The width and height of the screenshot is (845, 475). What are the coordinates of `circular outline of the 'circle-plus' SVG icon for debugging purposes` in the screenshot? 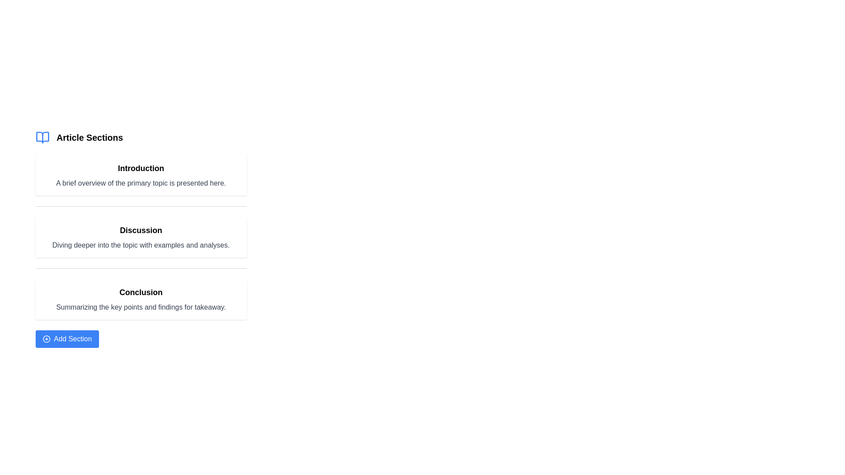 It's located at (46, 339).